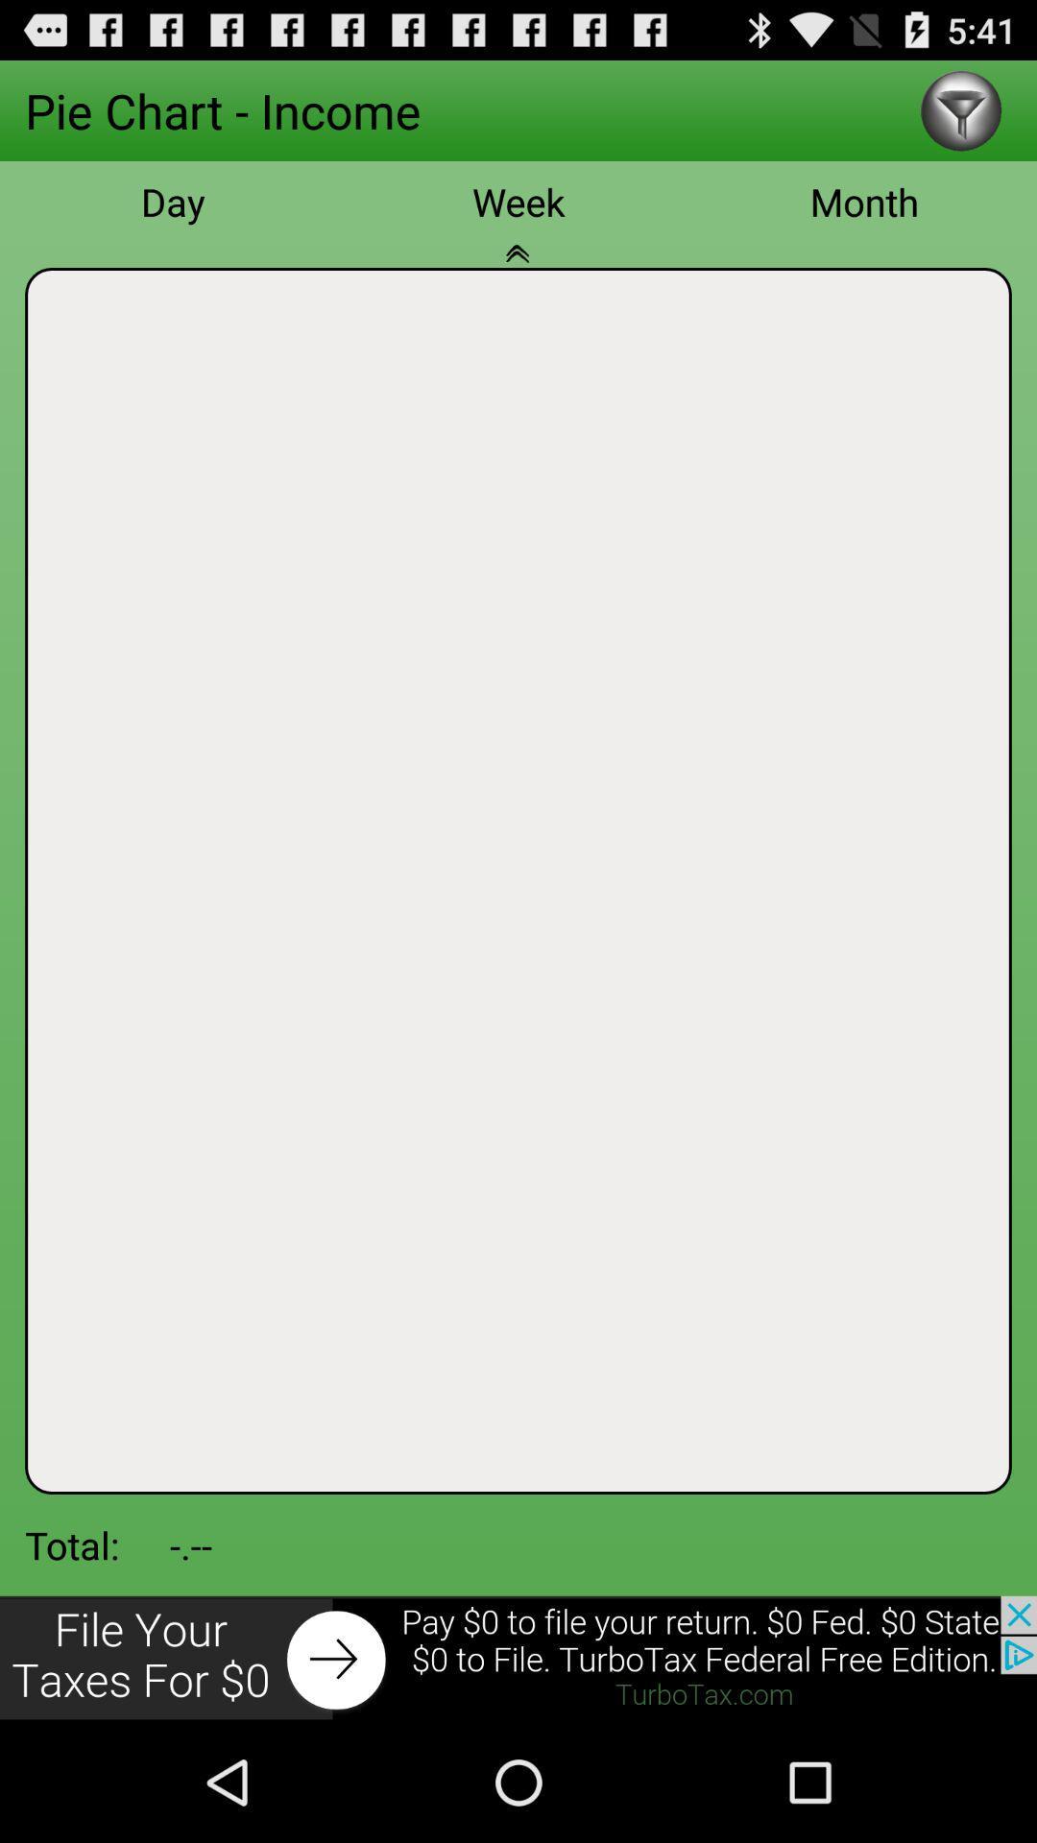 The height and width of the screenshot is (1843, 1037). What do you see at coordinates (961, 117) in the screenshot?
I see `the filter icon` at bounding box center [961, 117].